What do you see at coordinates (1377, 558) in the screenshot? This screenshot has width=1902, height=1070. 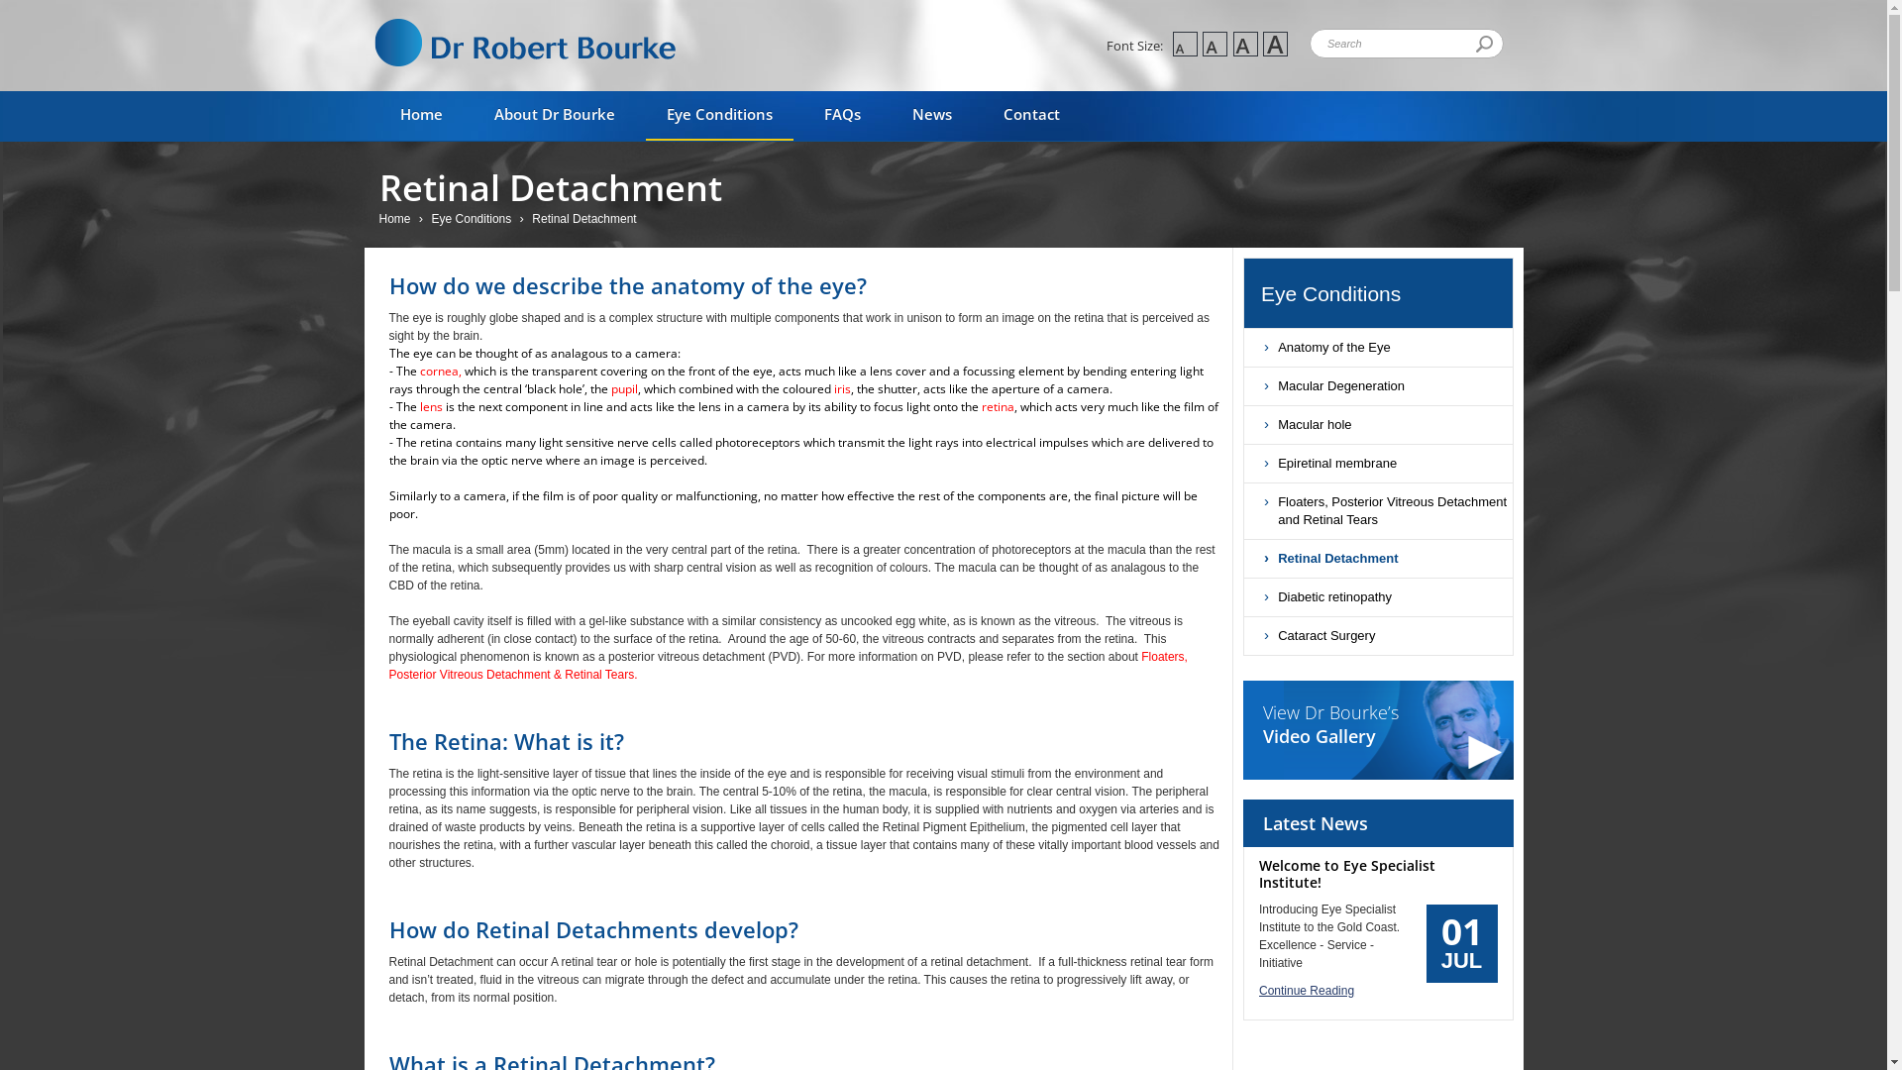 I see `'Retinal Detachment'` at bounding box center [1377, 558].